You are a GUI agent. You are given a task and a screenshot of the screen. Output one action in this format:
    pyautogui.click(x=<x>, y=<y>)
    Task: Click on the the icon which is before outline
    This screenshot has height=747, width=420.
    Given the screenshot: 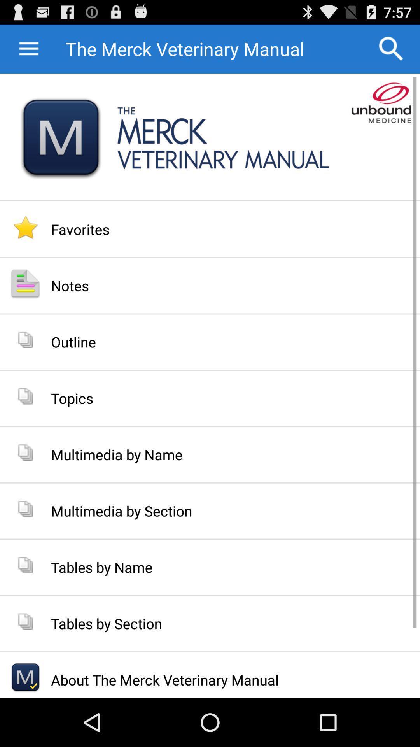 What is the action you would take?
    pyautogui.click(x=25, y=340)
    